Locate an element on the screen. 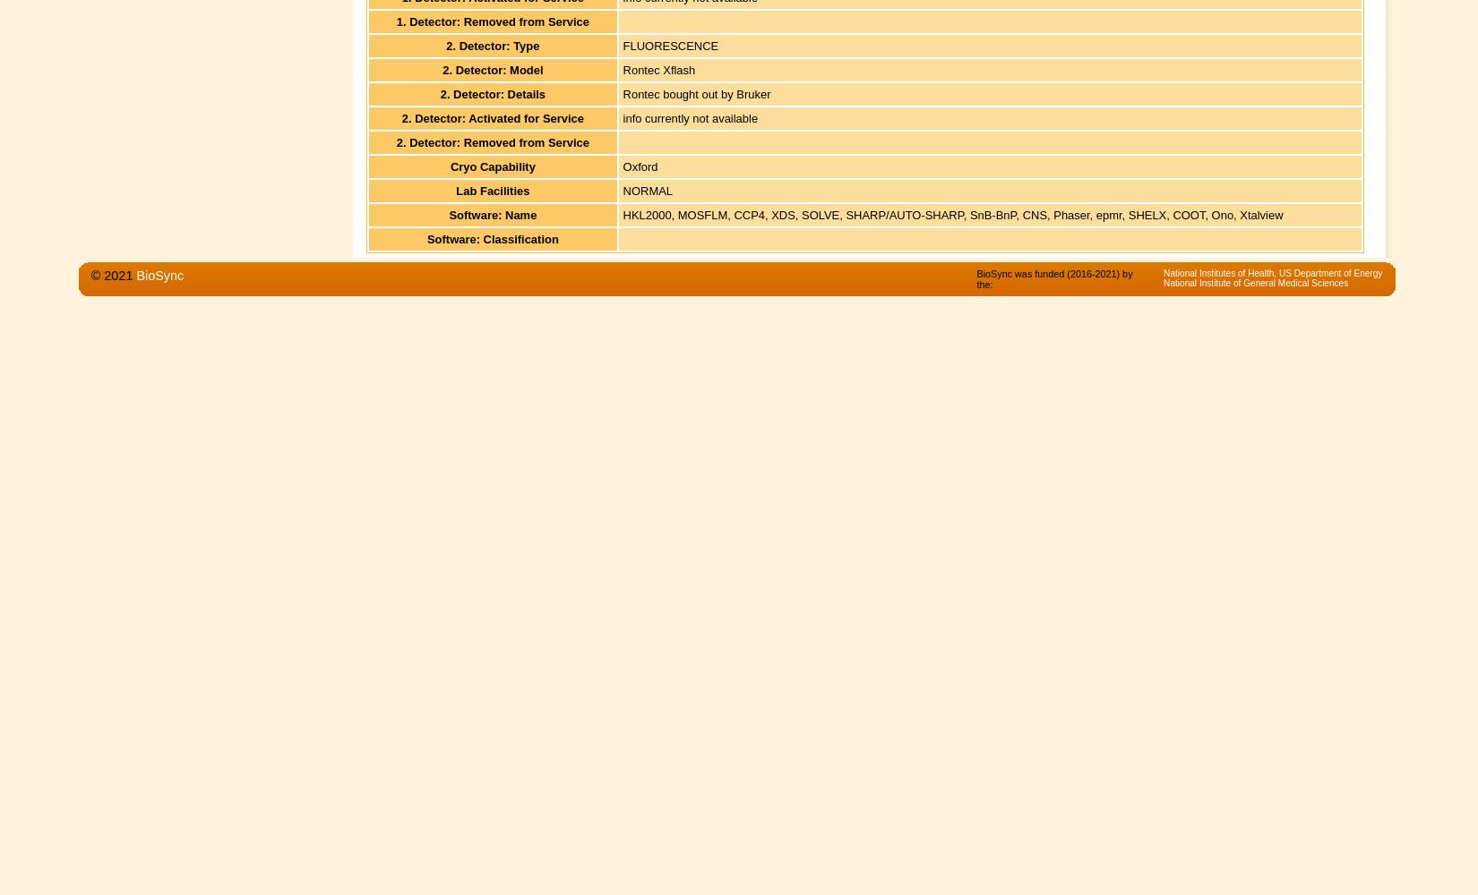 Image resolution: width=1478 pixels, height=895 pixels. 'BioSync' is located at coordinates (159, 275).